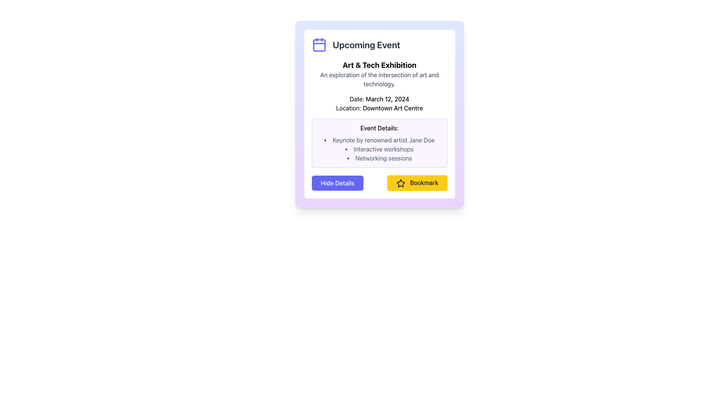 The image size is (724, 407). What do you see at coordinates (379, 65) in the screenshot?
I see `the text label displaying 'Art & Tech Exhibition'` at bounding box center [379, 65].